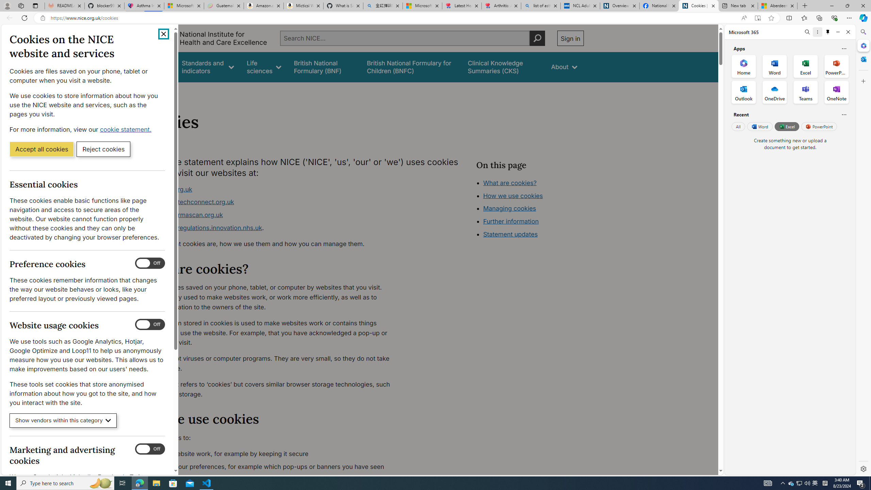  I want to click on 'British National Formulary for Children (BNFC)', so click(411, 67).